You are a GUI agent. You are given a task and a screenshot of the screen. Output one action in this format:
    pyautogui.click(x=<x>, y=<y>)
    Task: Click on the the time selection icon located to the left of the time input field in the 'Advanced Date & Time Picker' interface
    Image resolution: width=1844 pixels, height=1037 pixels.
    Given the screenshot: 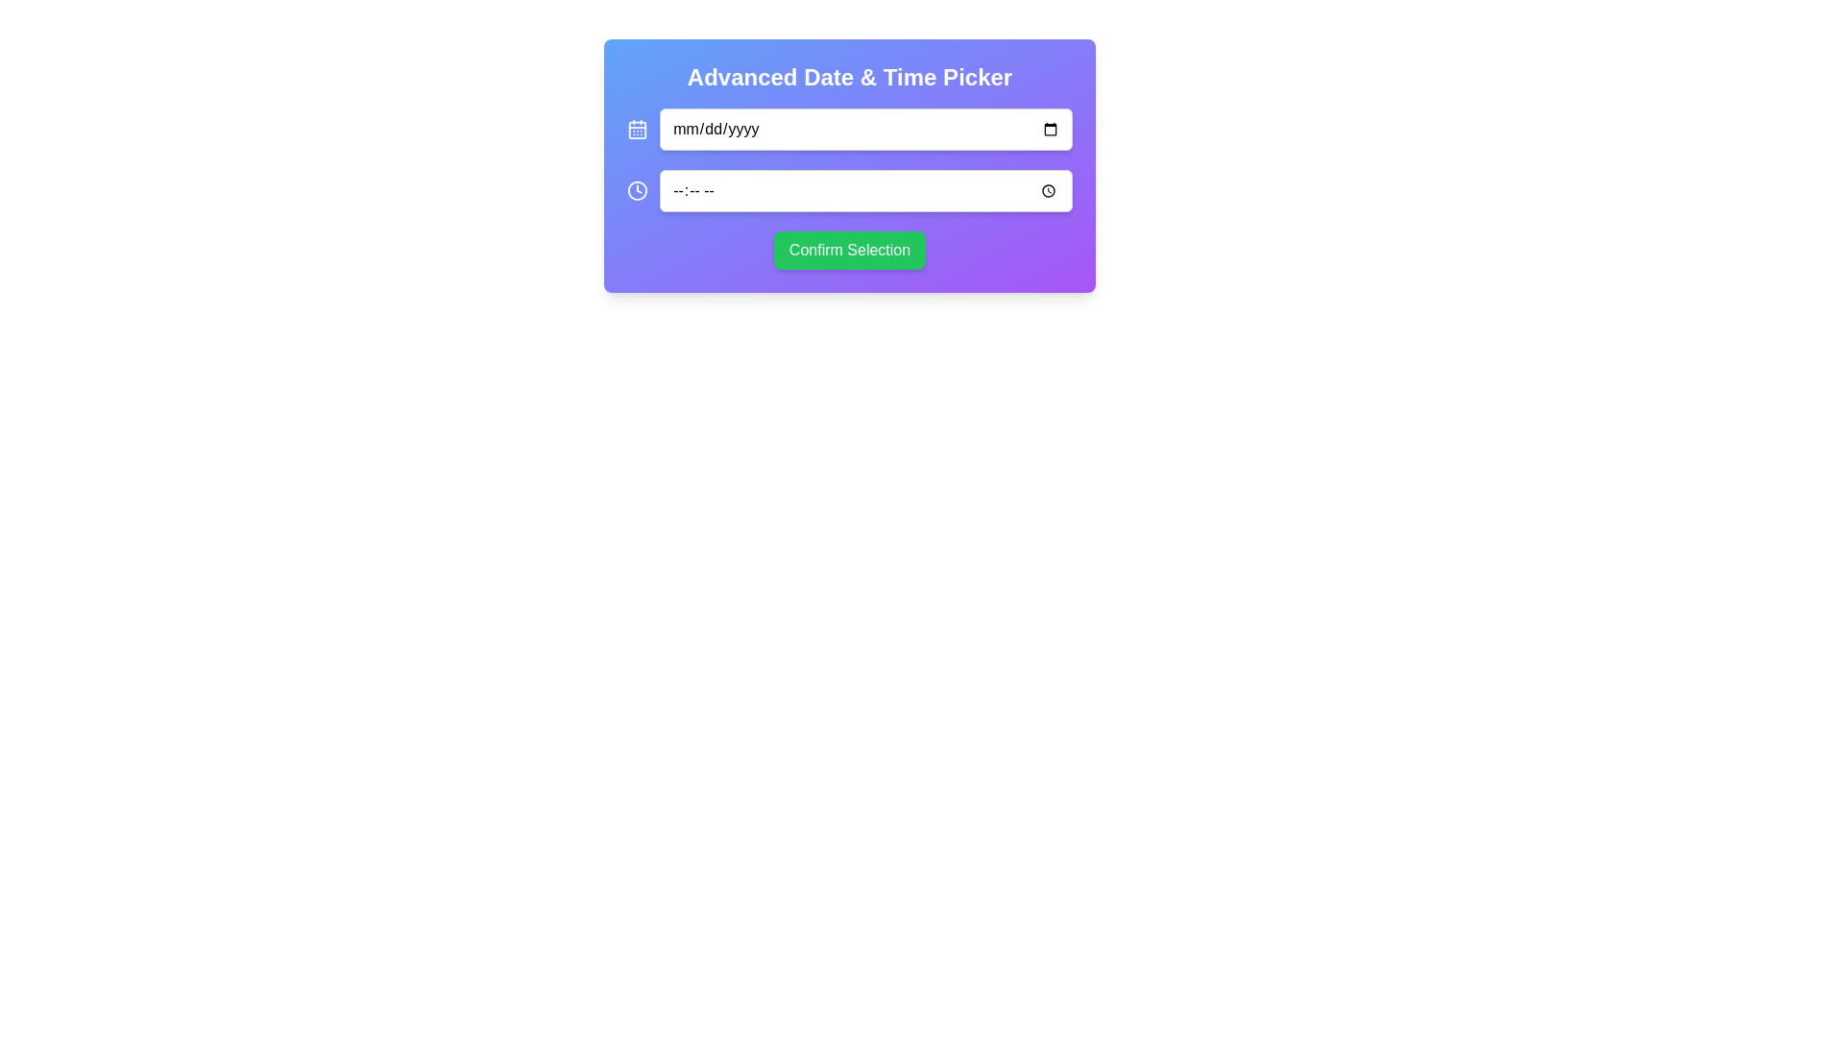 What is the action you would take?
    pyautogui.click(x=638, y=191)
    